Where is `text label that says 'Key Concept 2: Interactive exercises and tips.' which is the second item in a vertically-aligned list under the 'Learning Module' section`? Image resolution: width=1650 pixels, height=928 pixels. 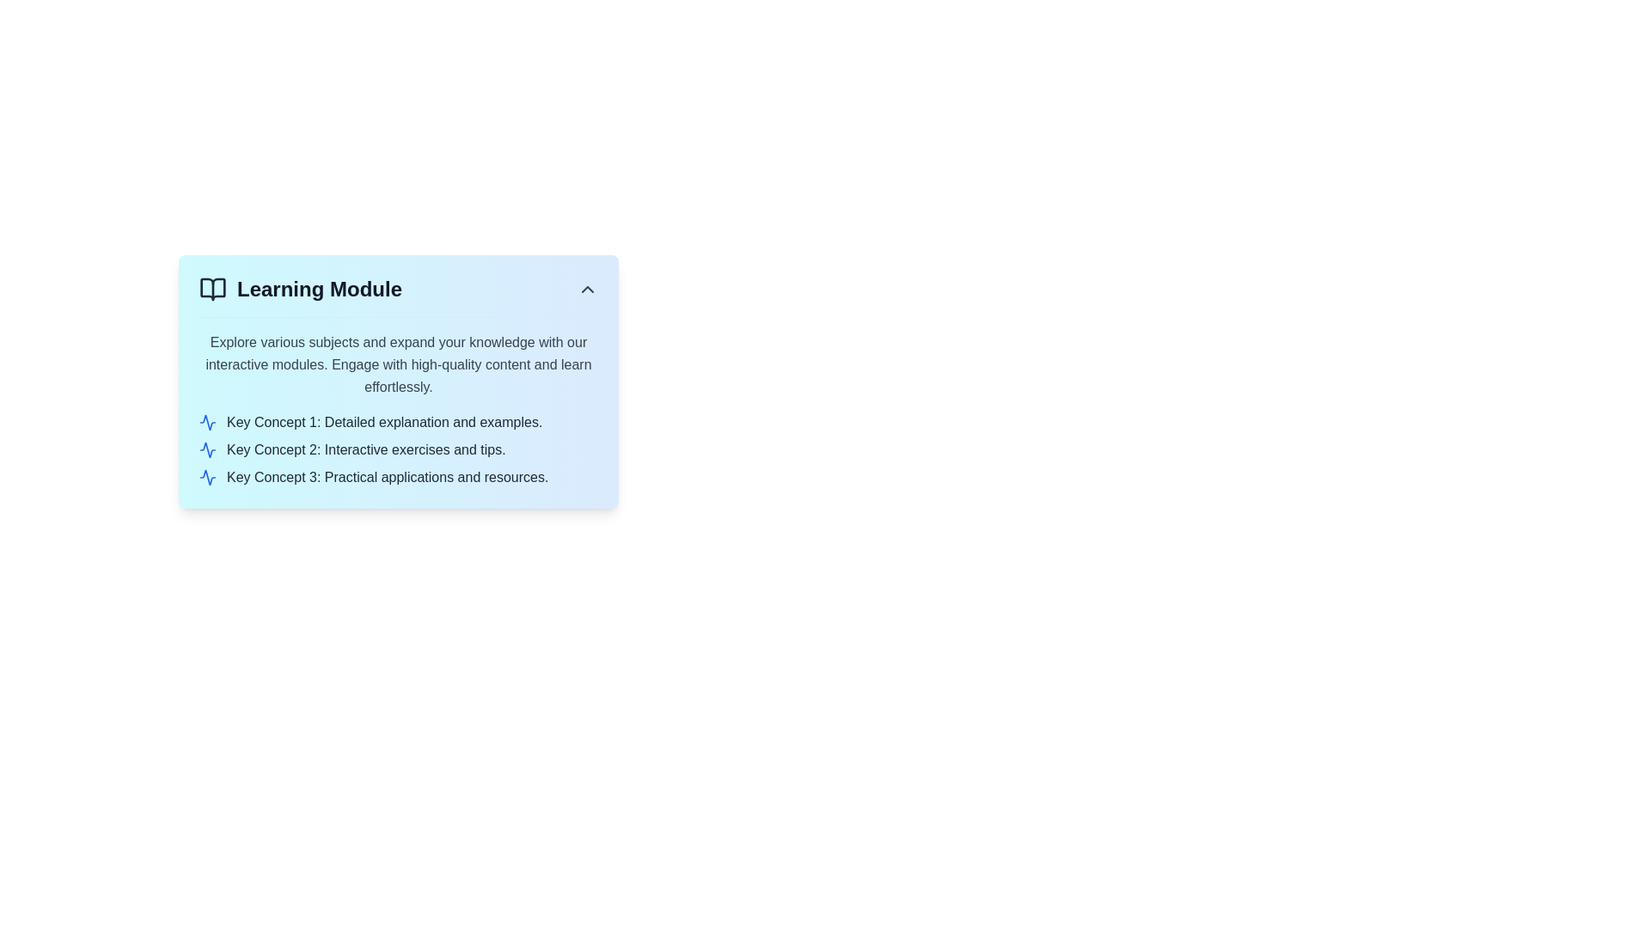 text label that says 'Key Concept 2: Interactive exercises and tips.' which is the second item in a vertically-aligned list under the 'Learning Module' section is located at coordinates (365, 449).